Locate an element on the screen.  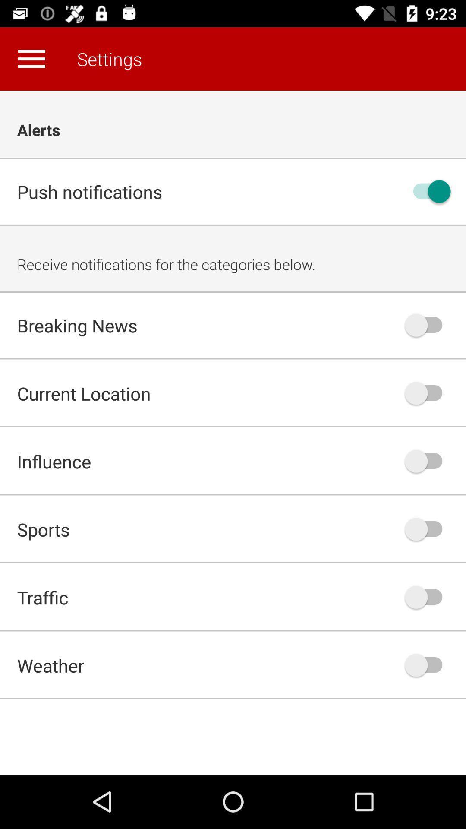
push notifications is located at coordinates (428, 191).